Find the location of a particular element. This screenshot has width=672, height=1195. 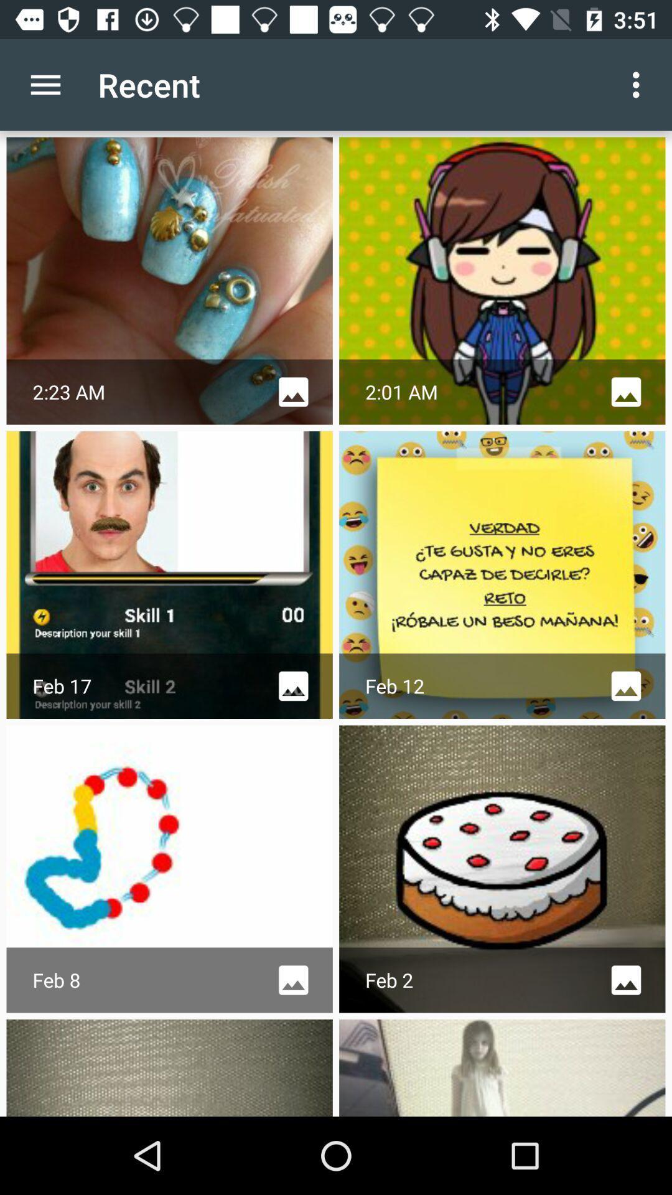

the app to the left of recent item is located at coordinates (45, 84).